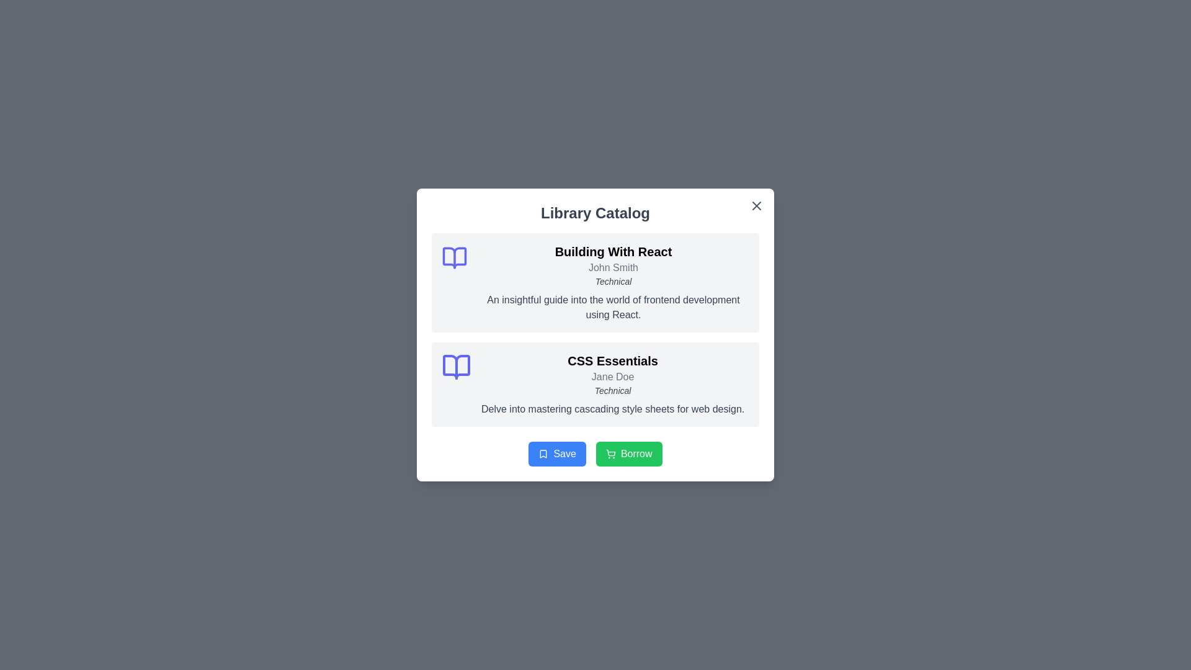 This screenshot has width=1191, height=670. What do you see at coordinates (613, 361) in the screenshot?
I see `the 'CSS Essentials' text label which is displayed in bold within the second card's title position` at bounding box center [613, 361].